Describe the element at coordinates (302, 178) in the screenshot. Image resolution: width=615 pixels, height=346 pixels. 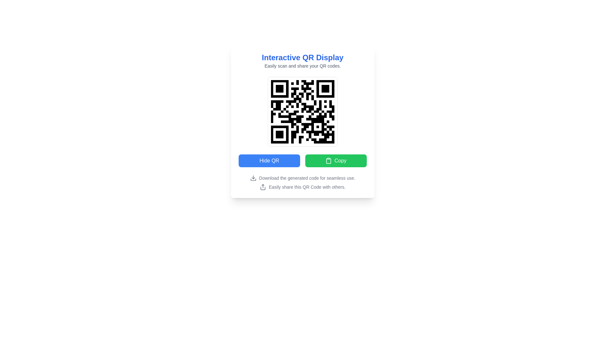
I see `the descriptive text element that suggests downloading generated content, located above the text 'Easily share this QR Code with others.'` at that location.